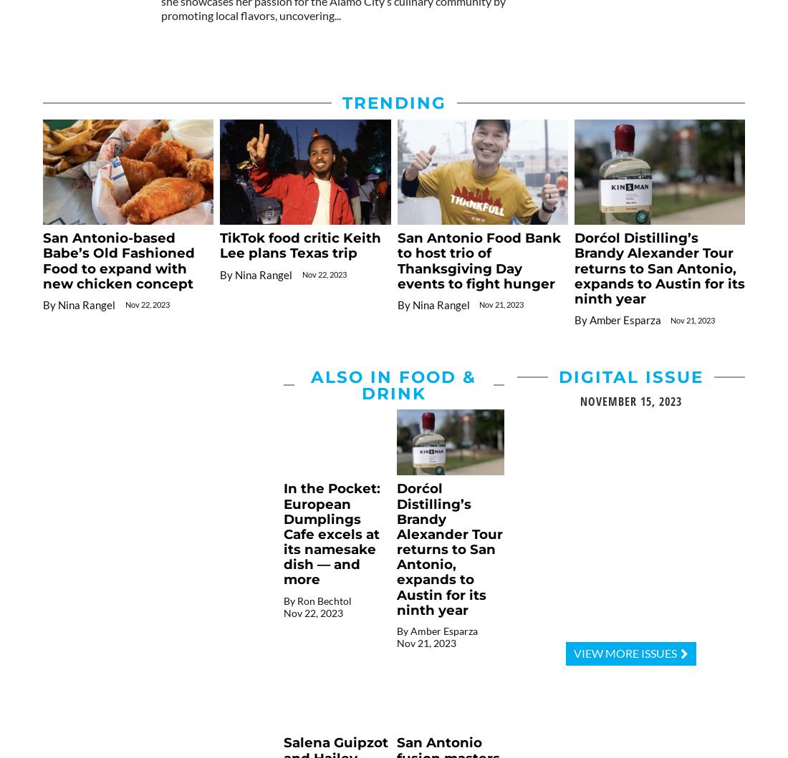 This screenshot has height=758, width=788. I want to click on 'November 15, 2023', so click(630, 399).